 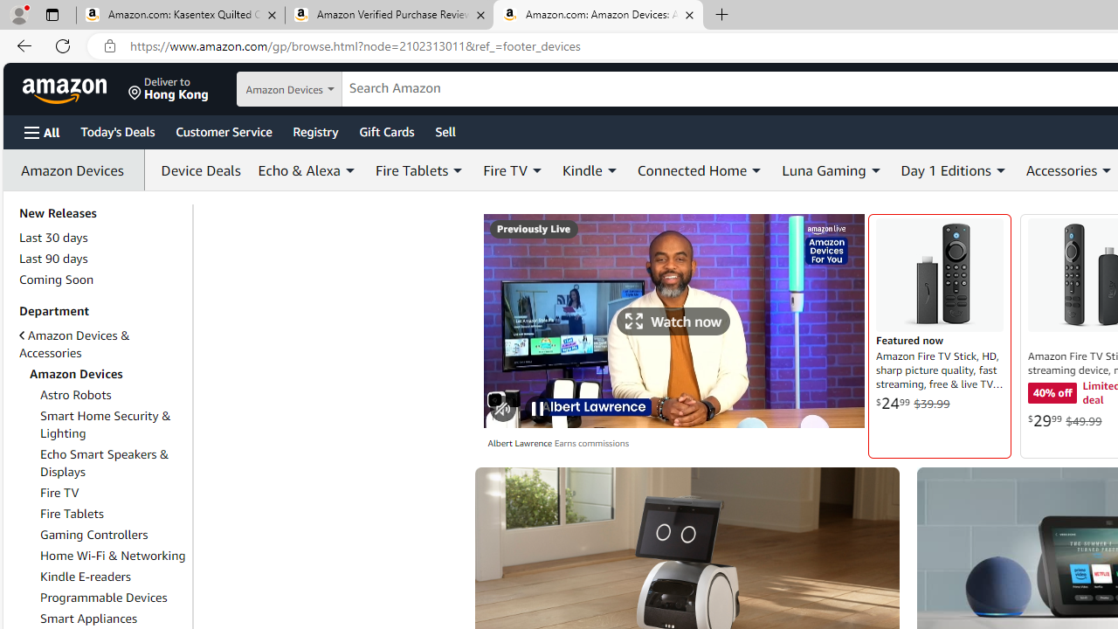 What do you see at coordinates (673, 321) in the screenshot?
I see `'Tap Watch now to see broadcast in immersive view'` at bounding box center [673, 321].